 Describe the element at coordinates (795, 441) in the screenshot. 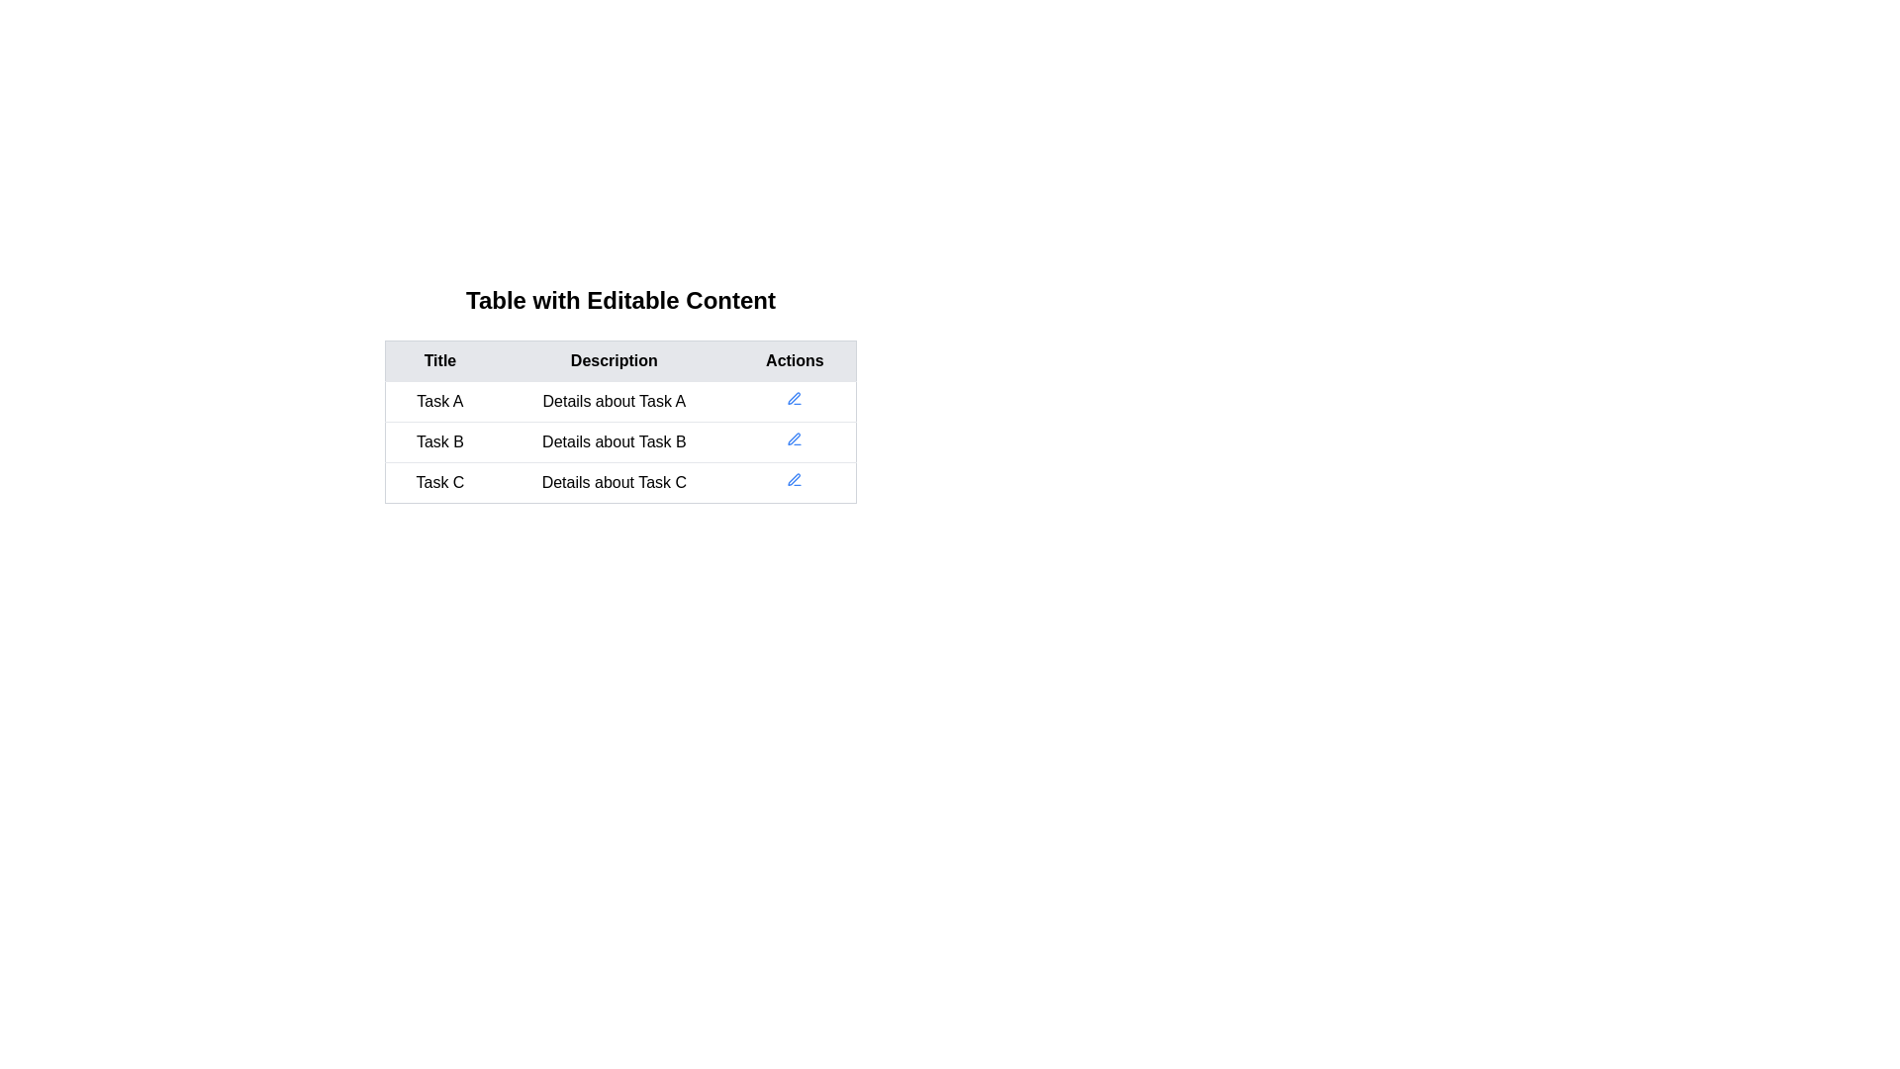

I see `the small blue icon resembling a pen or pencil in the 'Actions' column of the table row corresponding to 'Task B'` at that location.